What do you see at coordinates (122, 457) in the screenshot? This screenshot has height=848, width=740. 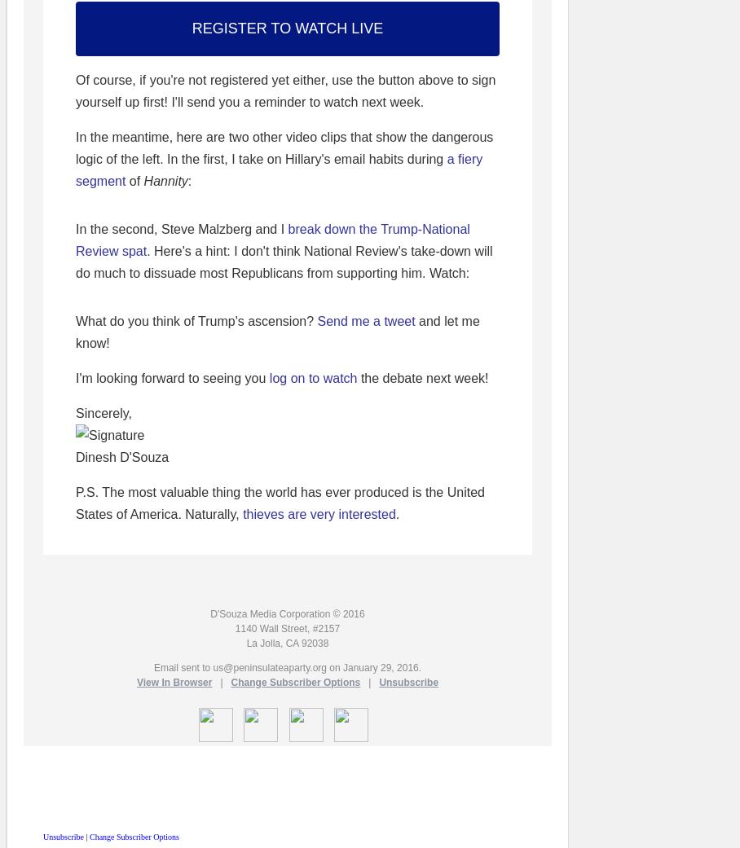 I see `'Dinesh D'Souza'` at bounding box center [122, 457].